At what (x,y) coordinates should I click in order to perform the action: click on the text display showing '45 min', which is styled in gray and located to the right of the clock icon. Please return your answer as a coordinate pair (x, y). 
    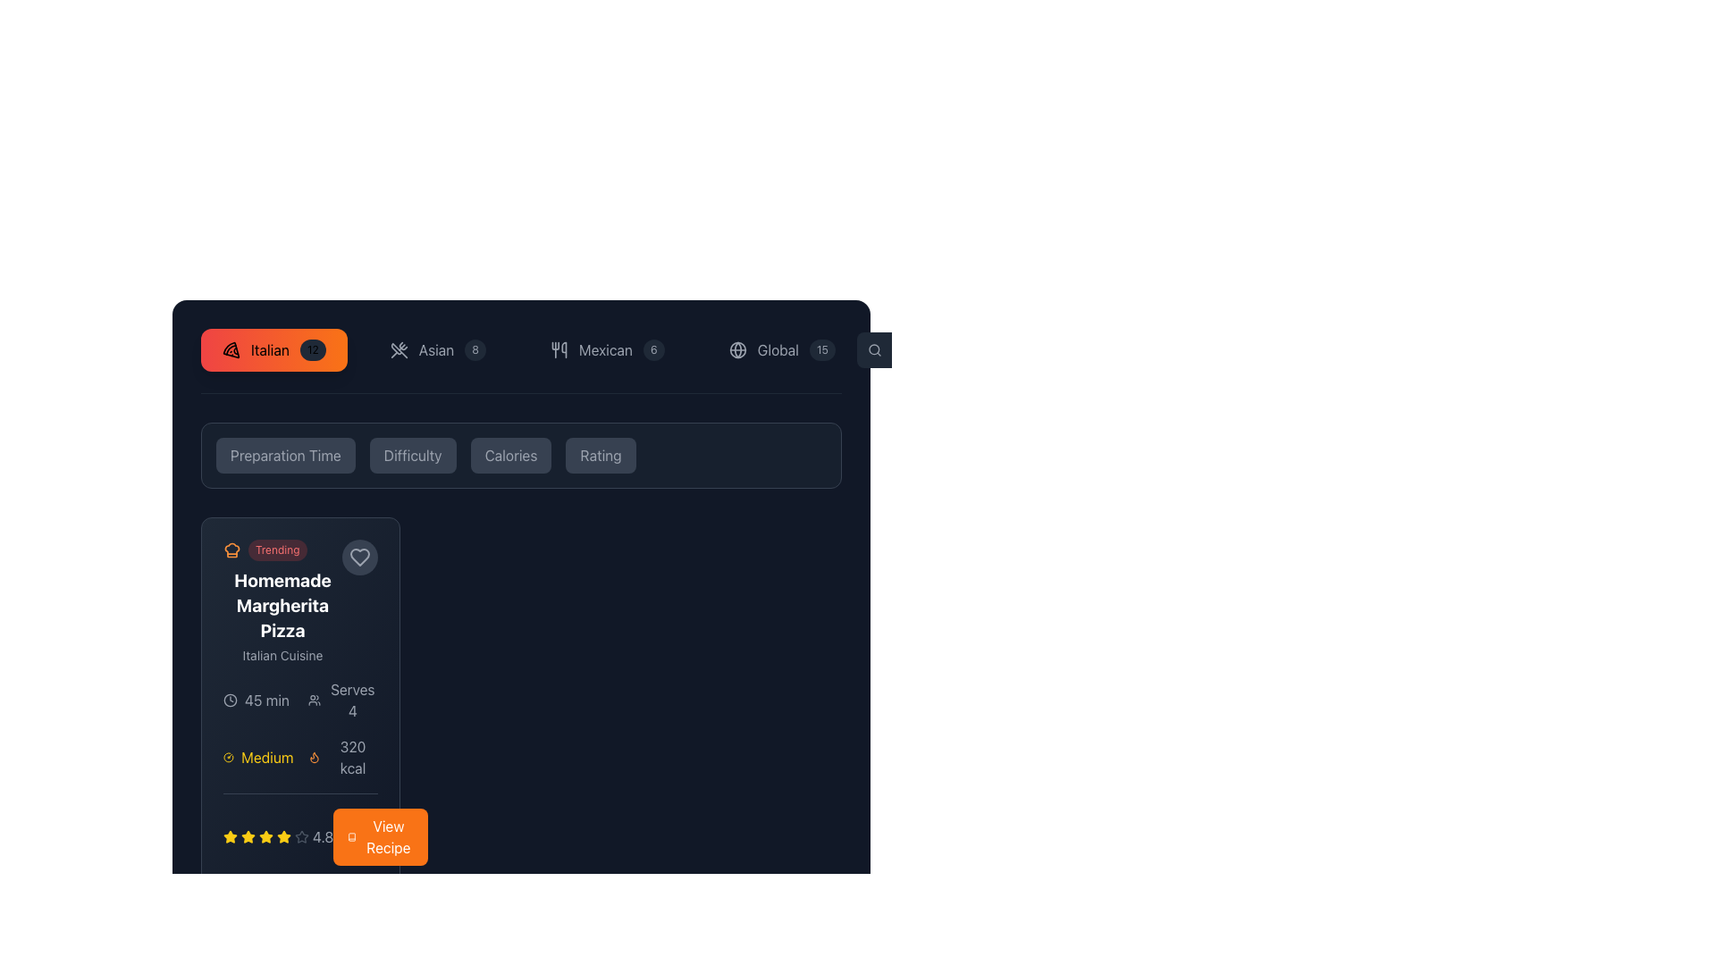
    Looking at the image, I should click on (265, 699).